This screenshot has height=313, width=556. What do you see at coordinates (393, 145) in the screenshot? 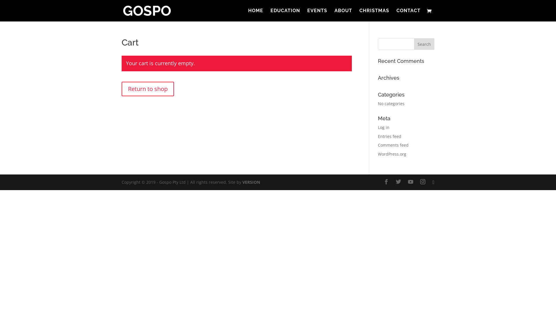
I see `'Comments feed'` at bounding box center [393, 145].